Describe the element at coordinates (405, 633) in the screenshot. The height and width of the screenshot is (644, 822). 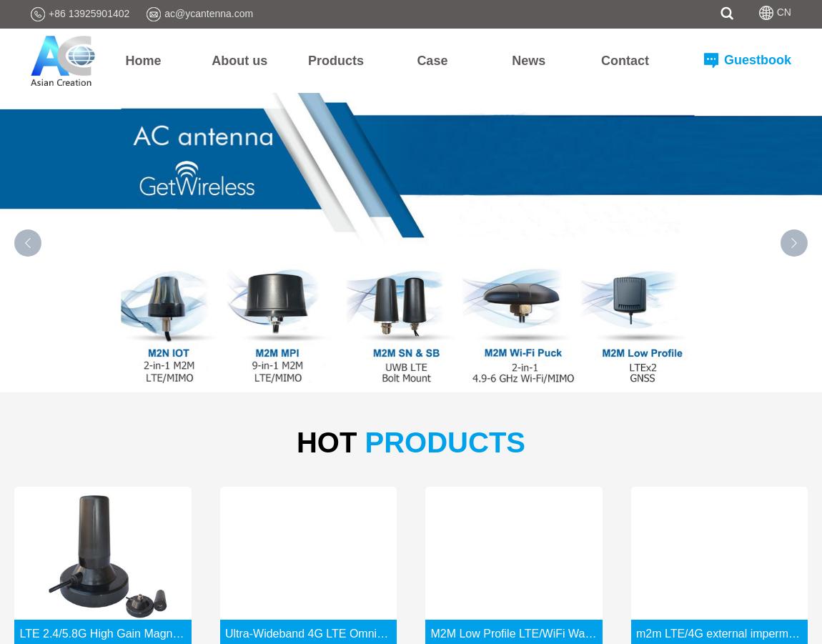
I see `'Ultra-Wideband 4G LTE Omni-Directional Antenna With Terminal Mount'` at that location.